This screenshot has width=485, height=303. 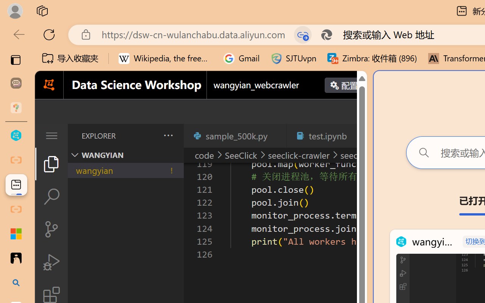 I want to click on 'Tab actions', so click(x=358, y=136).